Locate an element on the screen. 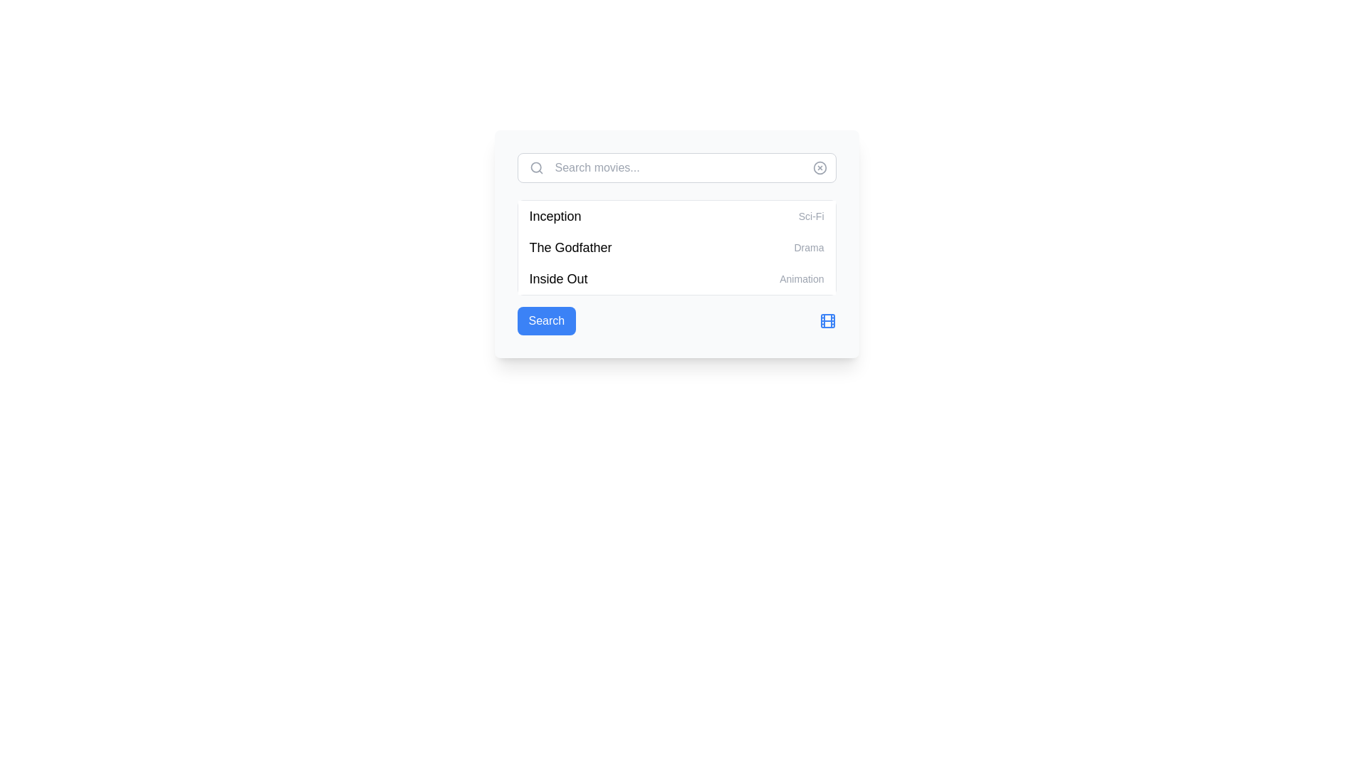 This screenshot has height=769, width=1367. the informational text label indicating the genre 'Animation' for the movie 'Inside Out', which is located to the right of the movie title is located at coordinates (802, 279).